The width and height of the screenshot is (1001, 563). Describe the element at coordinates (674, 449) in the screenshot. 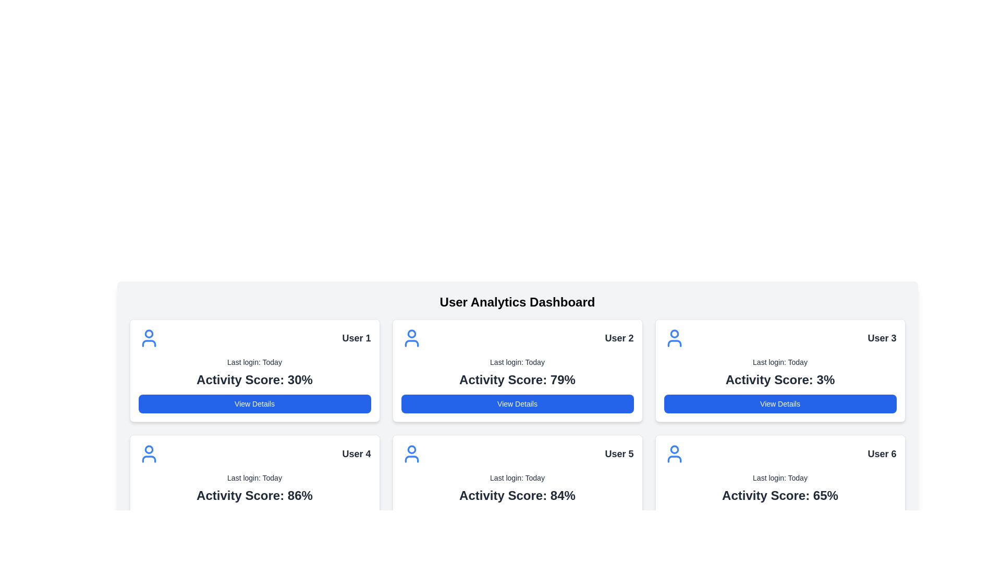

I see `the Circle graphical element that is part of the user profile icon for 'User 6' located in the second row, third column of the dashboard` at that location.